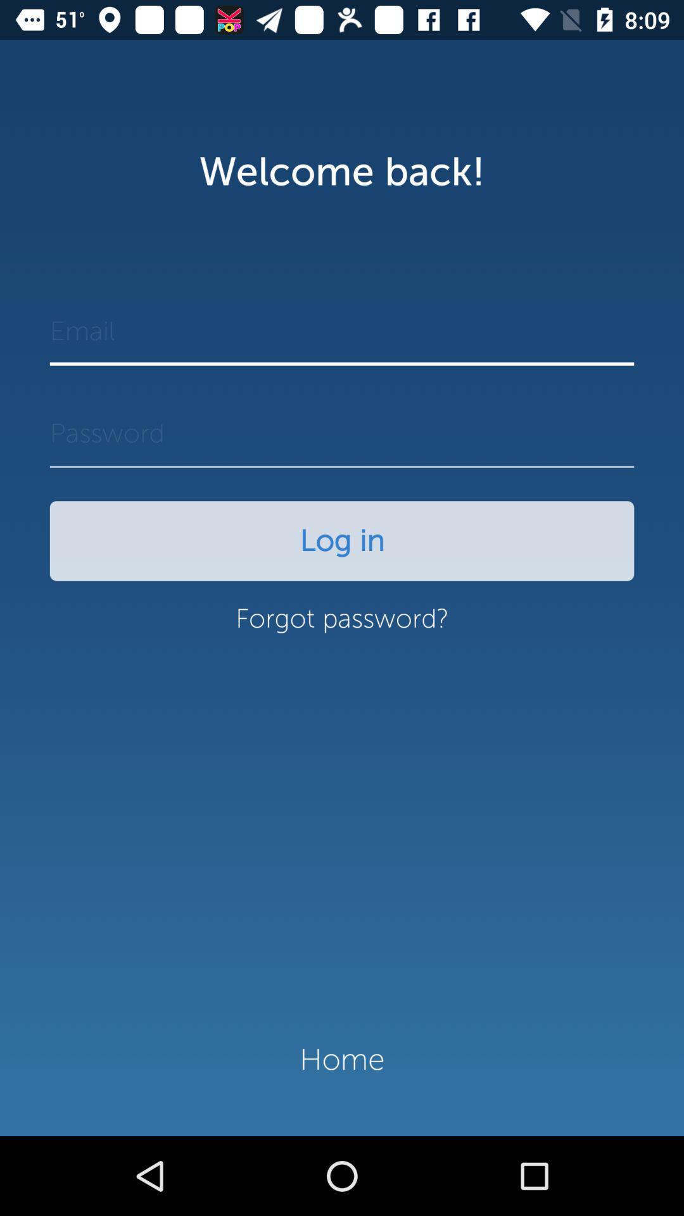  What do you see at coordinates (342, 625) in the screenshot?
I see `forgot password?` at bounding box center [342, 625].